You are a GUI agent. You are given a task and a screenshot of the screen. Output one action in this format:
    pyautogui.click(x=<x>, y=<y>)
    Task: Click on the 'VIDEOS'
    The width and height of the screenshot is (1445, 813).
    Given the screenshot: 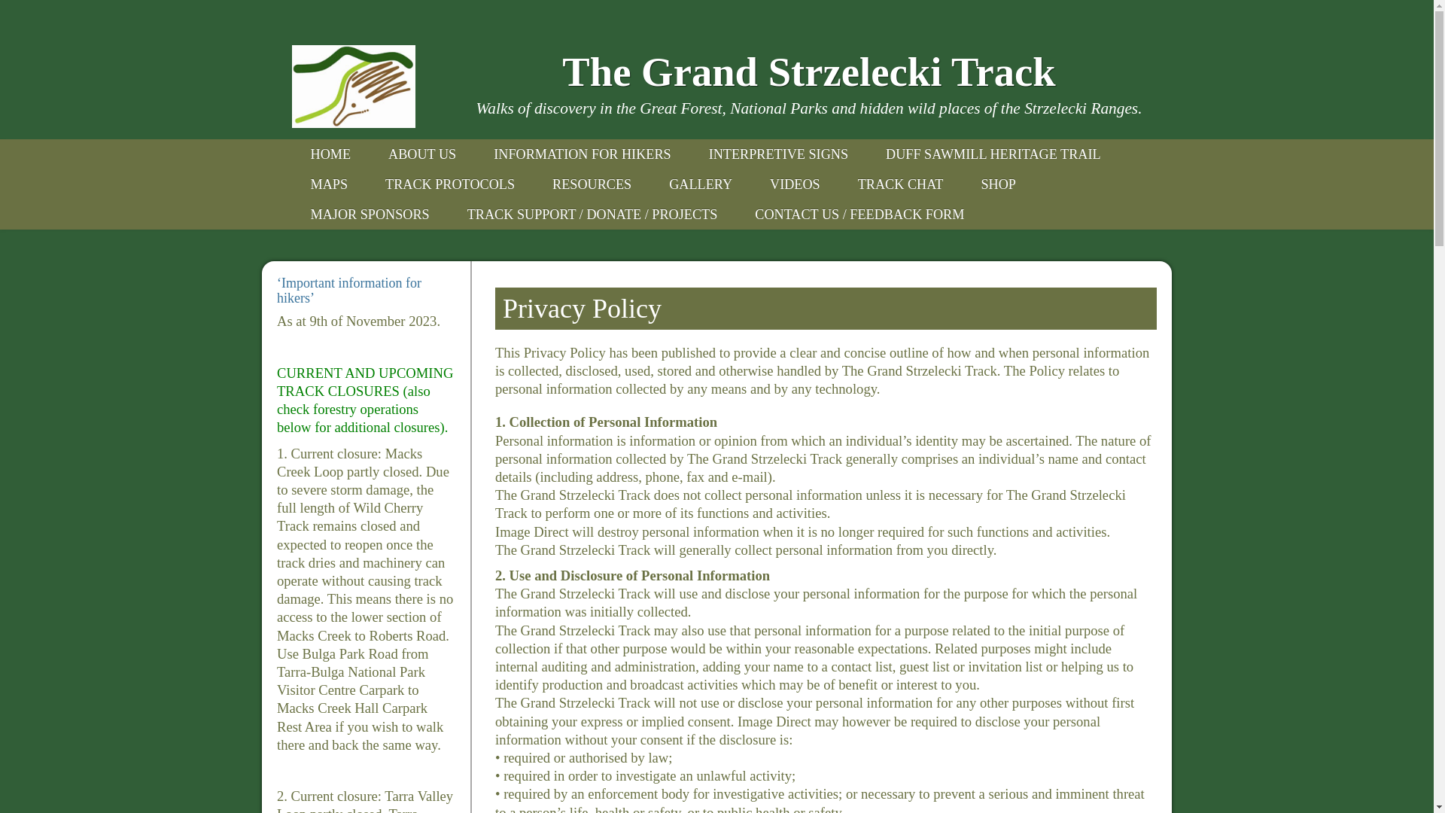 What is the action you would take?
    pyautogui.click(x=794, y=184)
    